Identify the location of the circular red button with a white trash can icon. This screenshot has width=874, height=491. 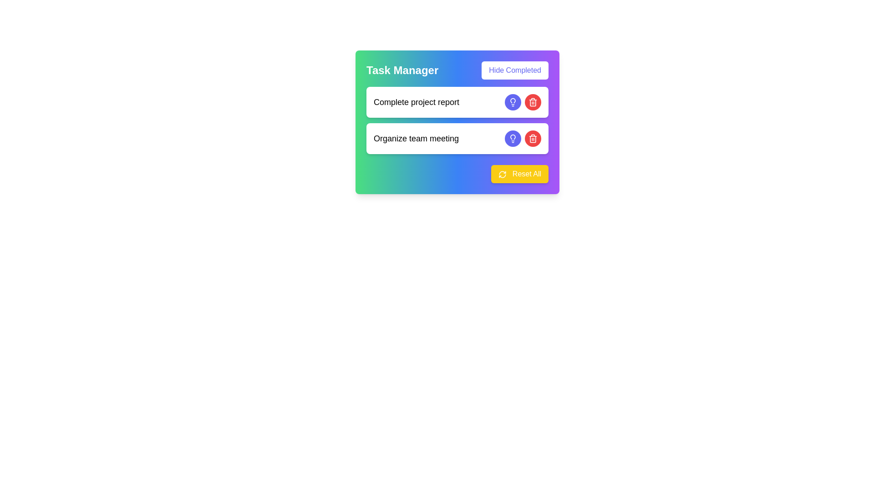
(533, 102).